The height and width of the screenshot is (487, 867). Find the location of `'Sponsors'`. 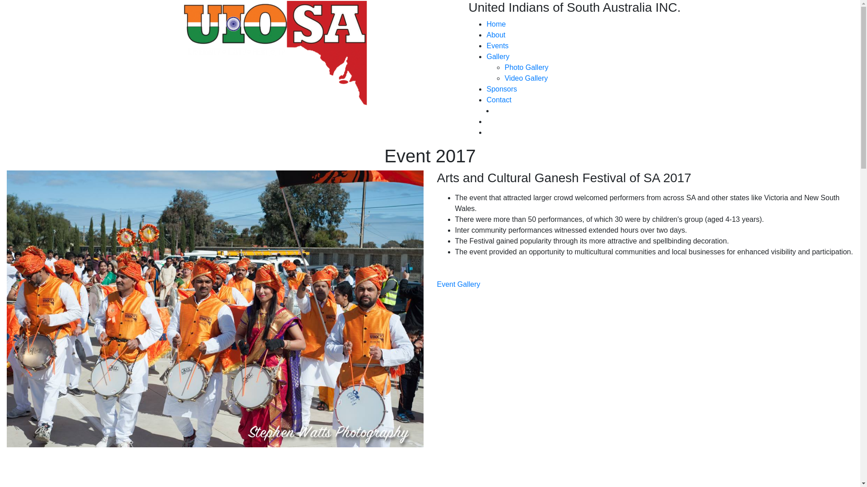

'Sponsors' is located at coordinates (501, 89).